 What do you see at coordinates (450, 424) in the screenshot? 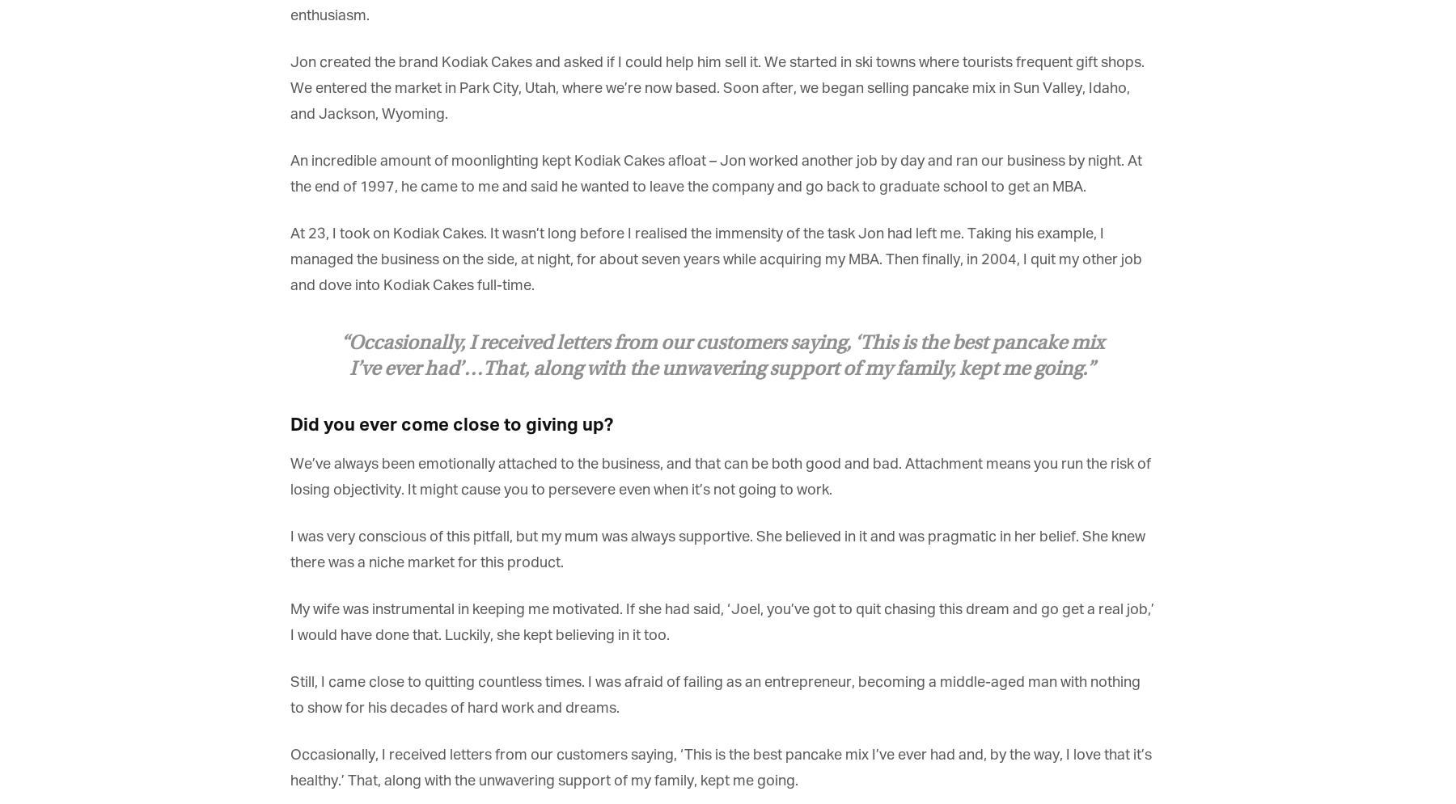
I see `'Did you ever come close to giving up?'` at bounding box center [450, 424].